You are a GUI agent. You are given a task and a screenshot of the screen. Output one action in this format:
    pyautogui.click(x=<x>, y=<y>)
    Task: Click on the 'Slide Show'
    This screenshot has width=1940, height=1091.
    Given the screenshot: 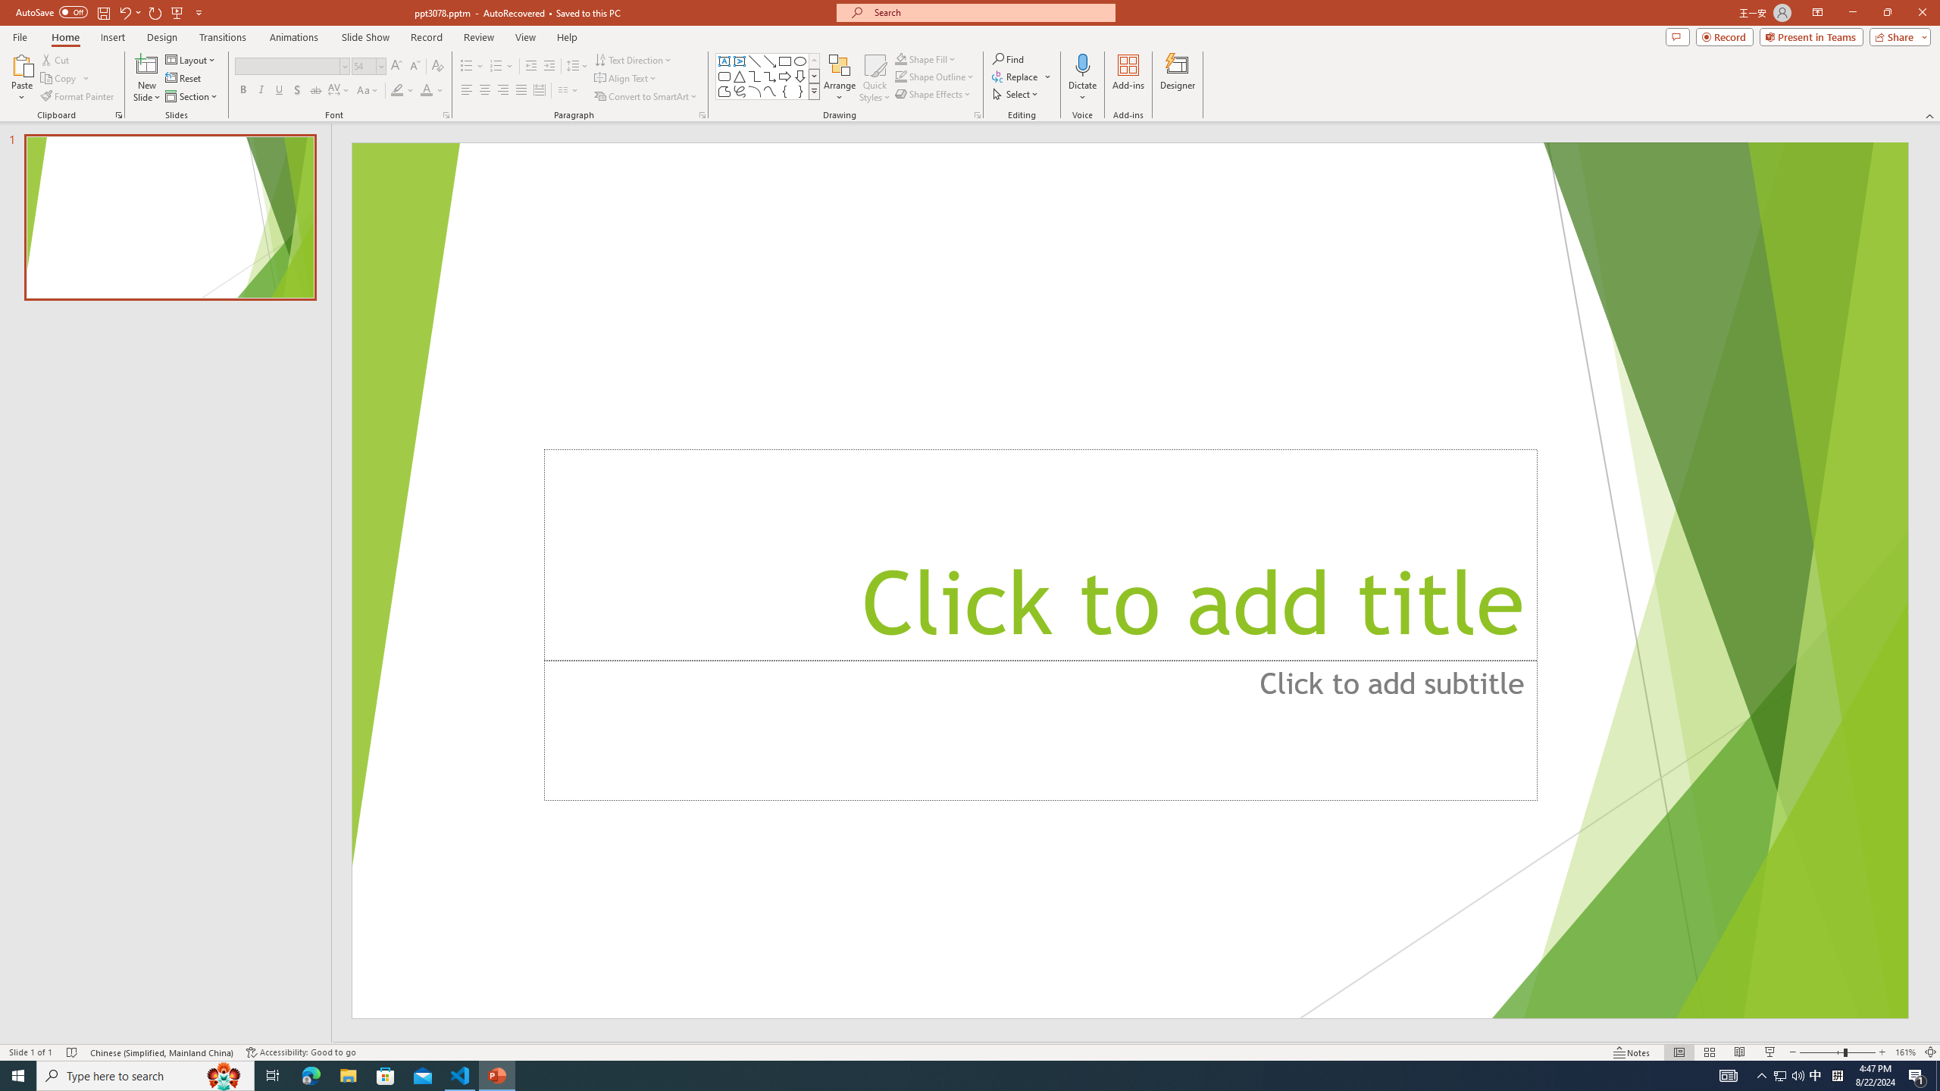 What is the action you would take?
    pyautogui.click(x=365, y=37)
    